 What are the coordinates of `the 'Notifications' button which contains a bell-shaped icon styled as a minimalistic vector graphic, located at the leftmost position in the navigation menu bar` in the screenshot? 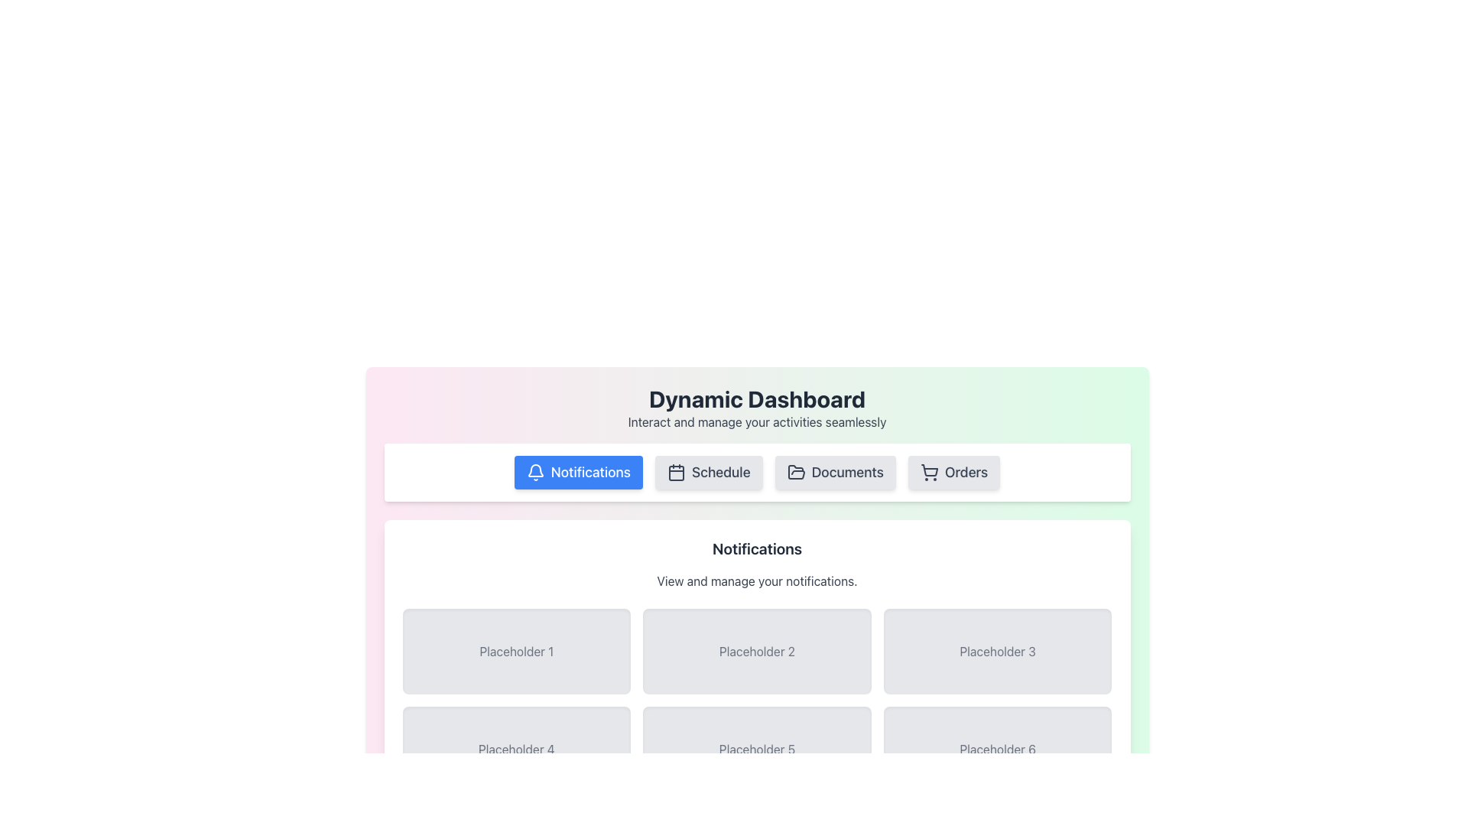 It's located at (535, 471).